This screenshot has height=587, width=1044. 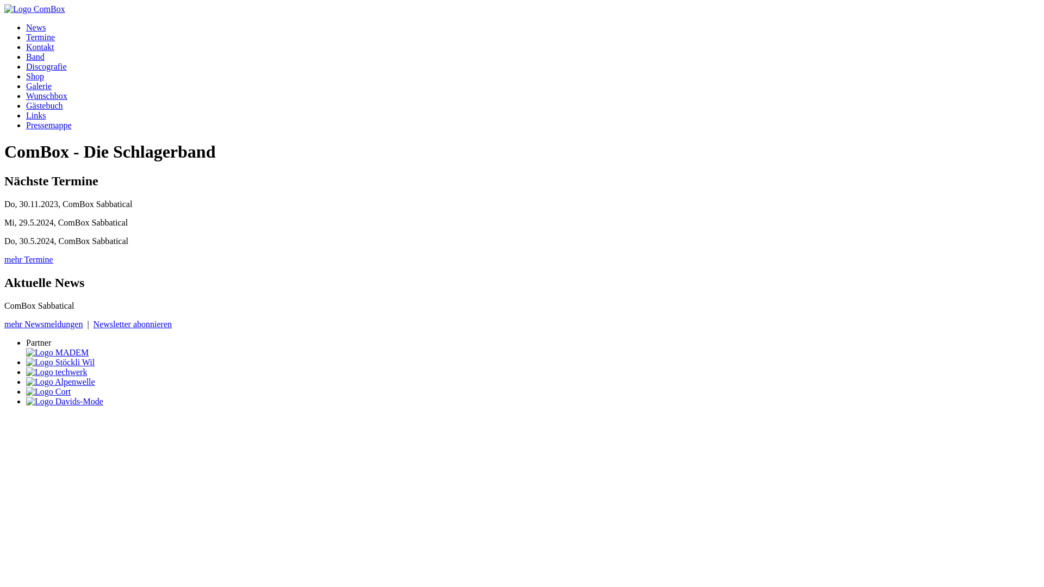 What do you see at coordinates (39, 85) in the screenshot?
I see `'Galerie'` at bounding box center [39, 85].